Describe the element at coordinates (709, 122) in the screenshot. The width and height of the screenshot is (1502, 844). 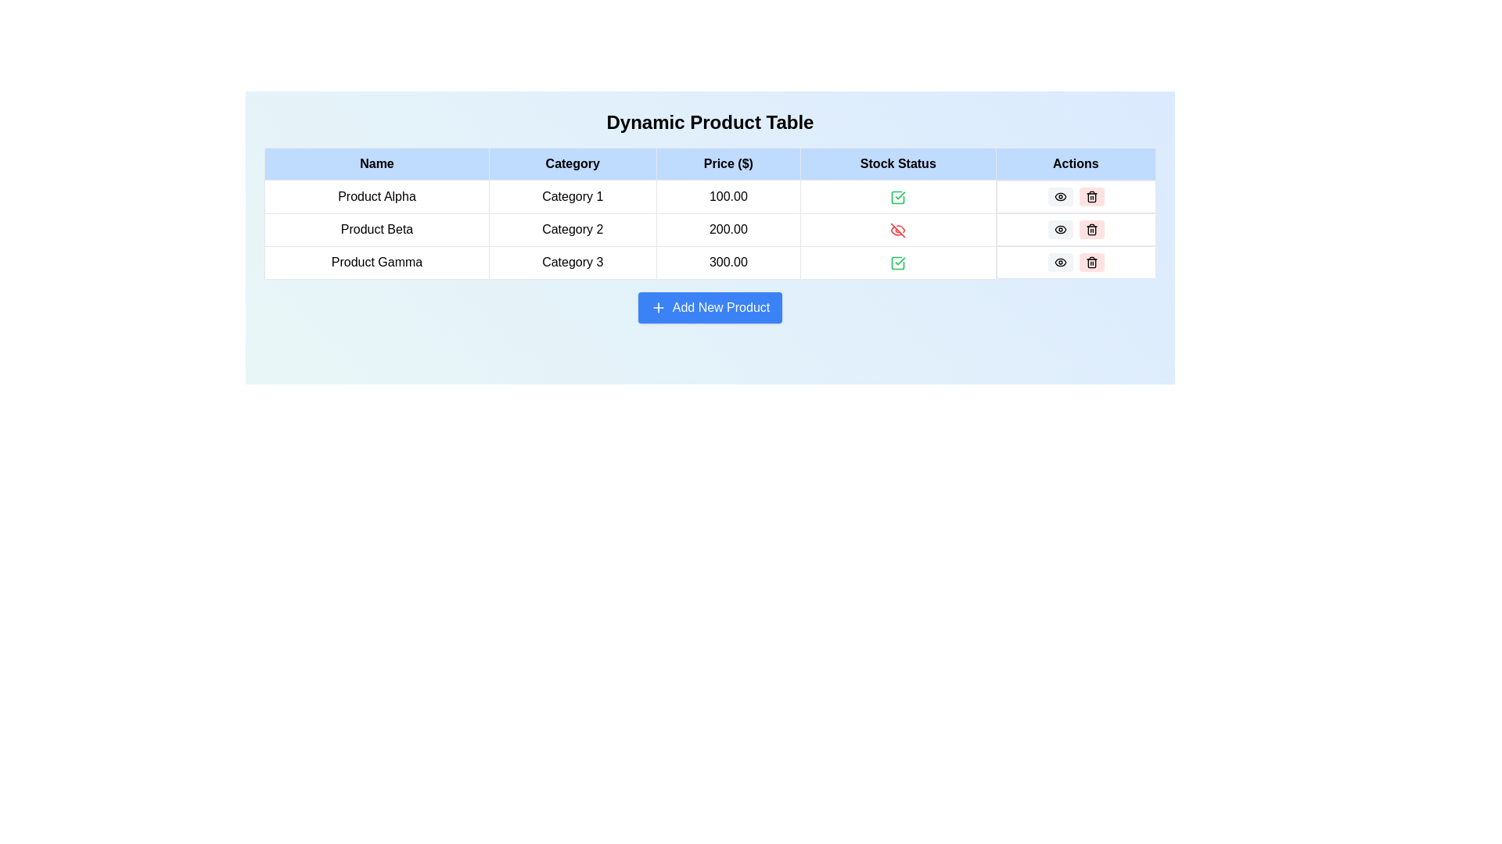
I see `the Text header that serves as the title for the product table, located at the topmost section above the product listings` at that location.